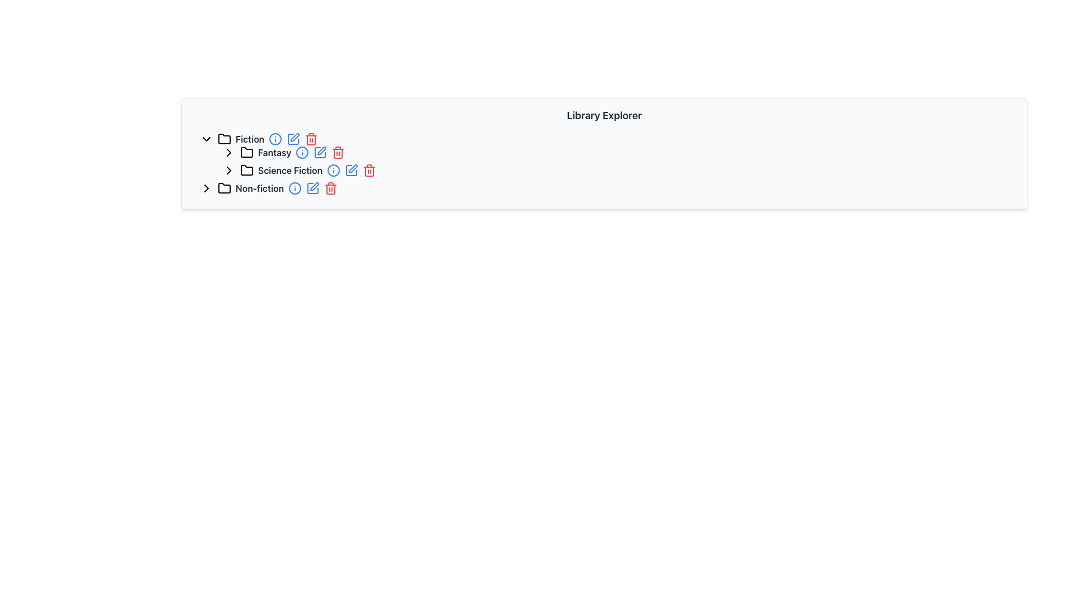 Image resolution: width=1075 pixels, height=604 pixels. I want to click on the Folder Icon that represents the 'Science Fiction' category in the Library Explorer application, so click(246, 170).